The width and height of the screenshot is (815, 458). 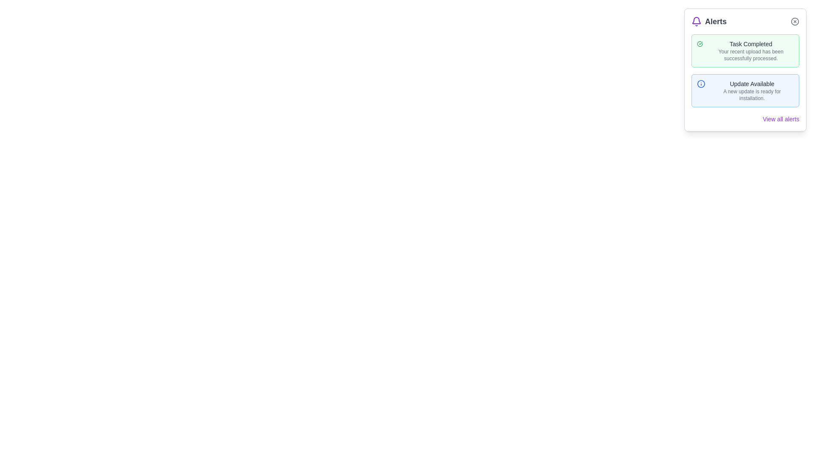 What do you see at coordinates (794, 21) in the screenshot?
I see `the close button represented by a circular SVG element with an 'X' mark, located in the top-right corner of the 'Alerts' panel` at bounding box center [794, 21].